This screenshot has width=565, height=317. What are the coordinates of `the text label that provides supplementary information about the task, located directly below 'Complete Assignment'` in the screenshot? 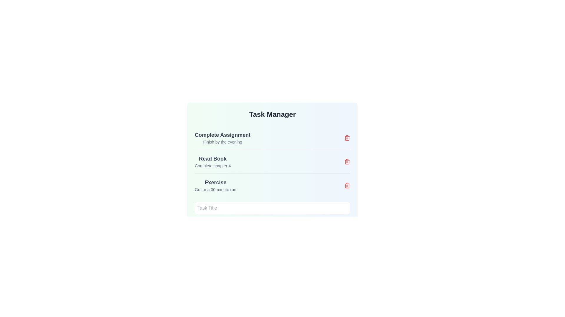 It's located at (222, 142).